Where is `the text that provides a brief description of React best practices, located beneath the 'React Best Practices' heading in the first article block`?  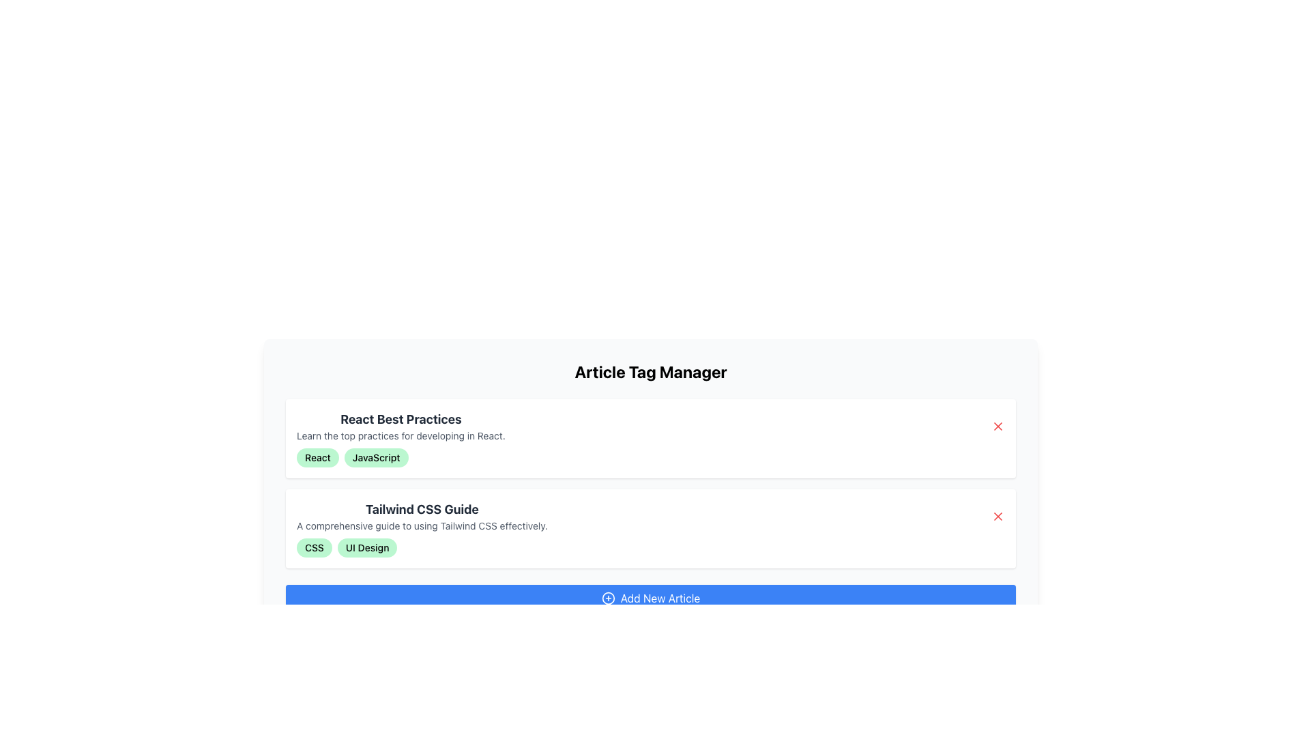 the text that provides a brief description of React best practices, located beneath the 'React Best Practices' heading in the first article block is located at coordinates (400, 436).